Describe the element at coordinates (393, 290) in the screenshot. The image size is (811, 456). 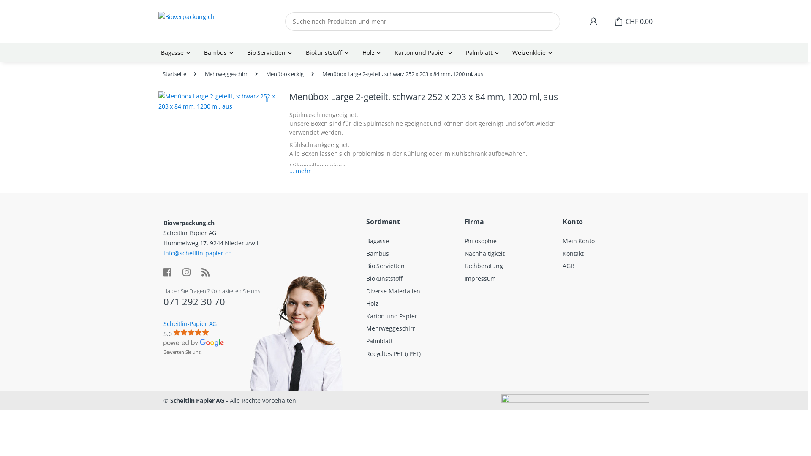
I see `'Diverse Materialien'` at that location.